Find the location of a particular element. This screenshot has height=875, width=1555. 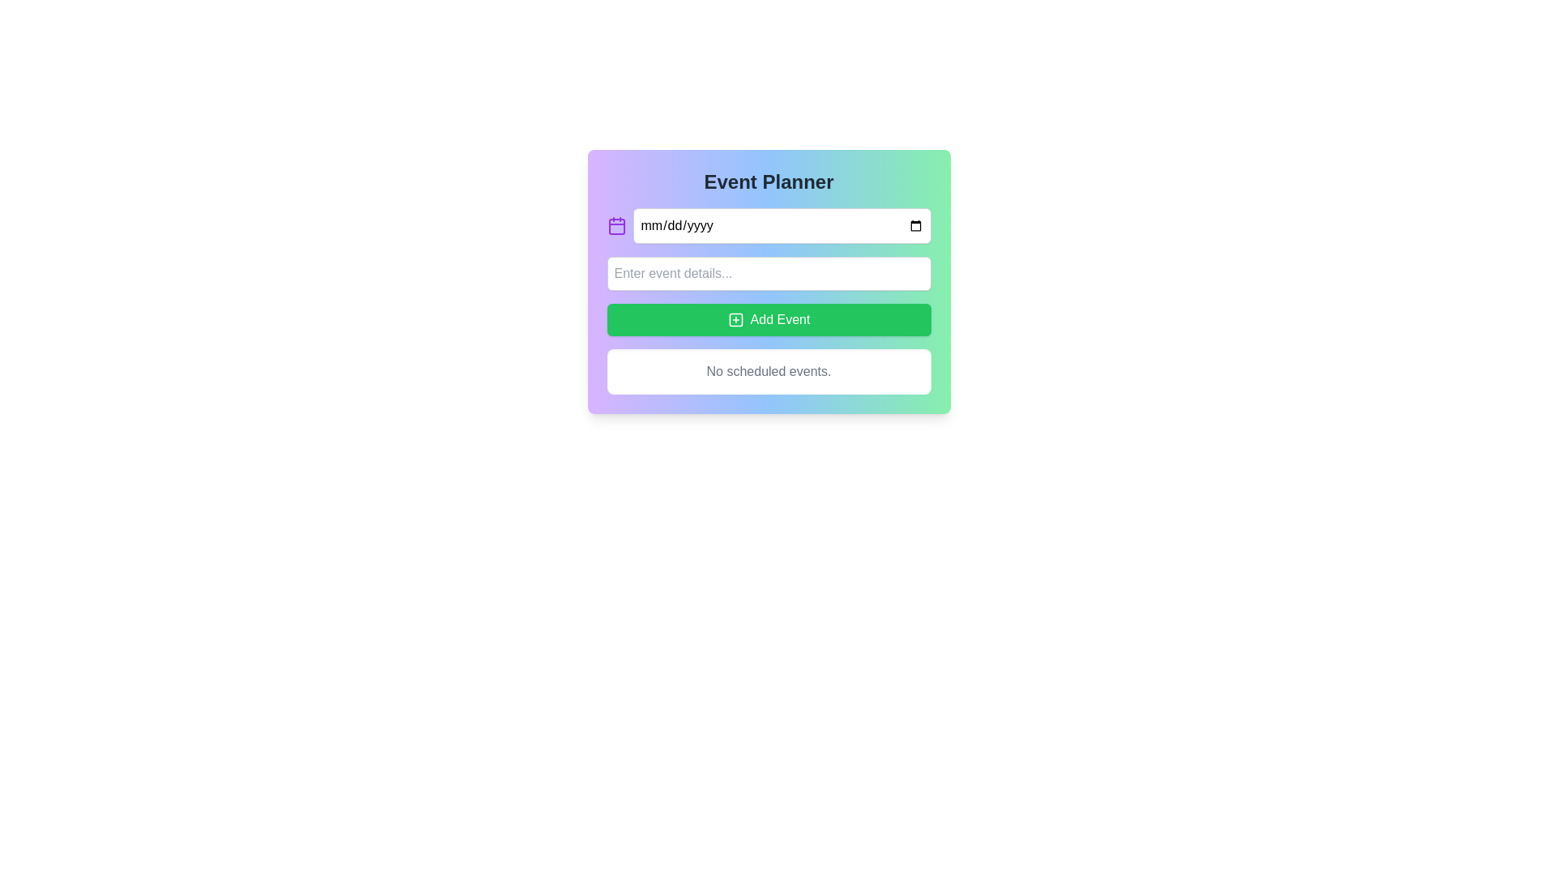

the button below the 'Enter event details...' input field is located at coordinates (768, 319).